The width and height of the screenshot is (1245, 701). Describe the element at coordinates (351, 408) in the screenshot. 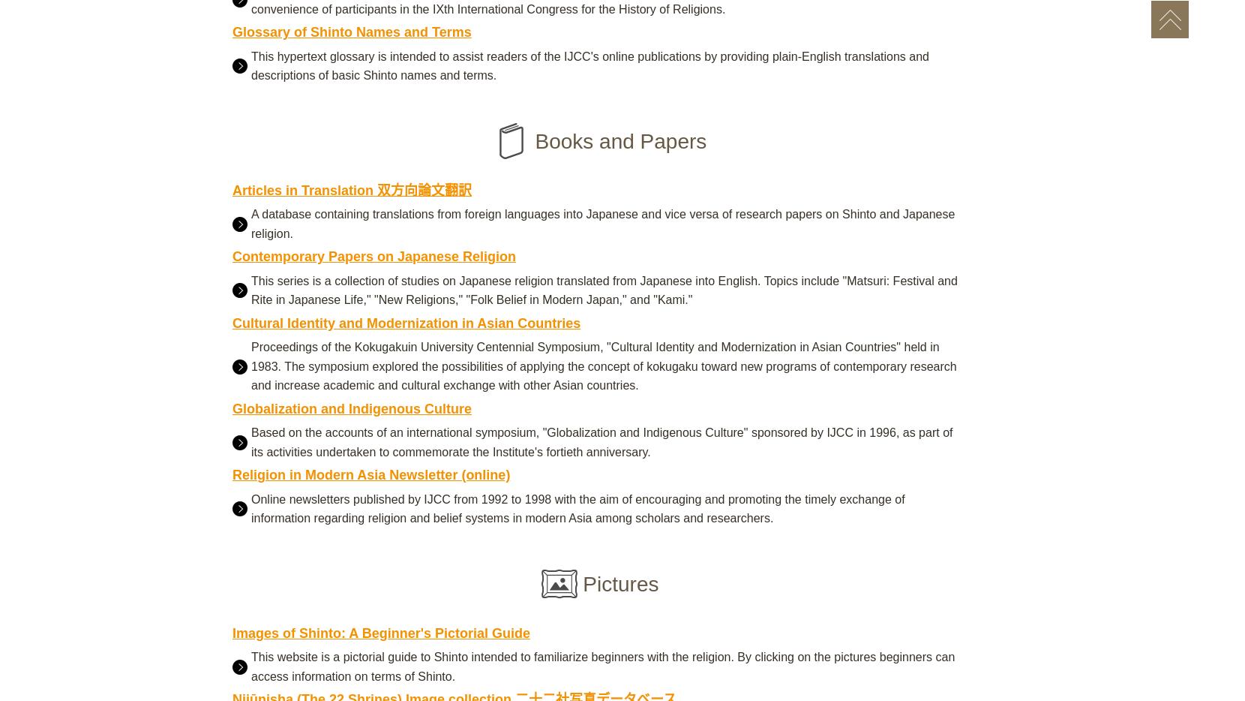

I see `'Globalization and Indigenous Culture'` at that location.